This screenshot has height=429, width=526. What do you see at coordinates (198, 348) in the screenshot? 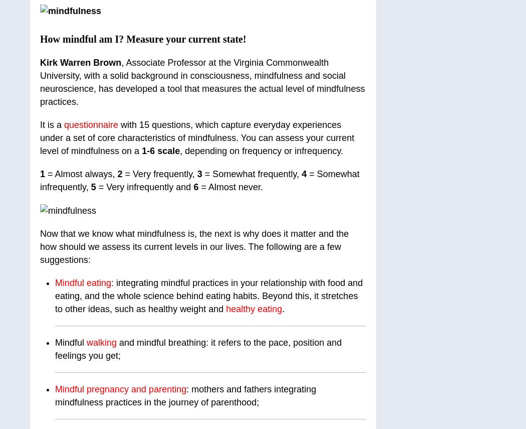
I see `'and mindful breathing: it refers to the pace, position and feelings you get;'` at bounding box center [198, 348].